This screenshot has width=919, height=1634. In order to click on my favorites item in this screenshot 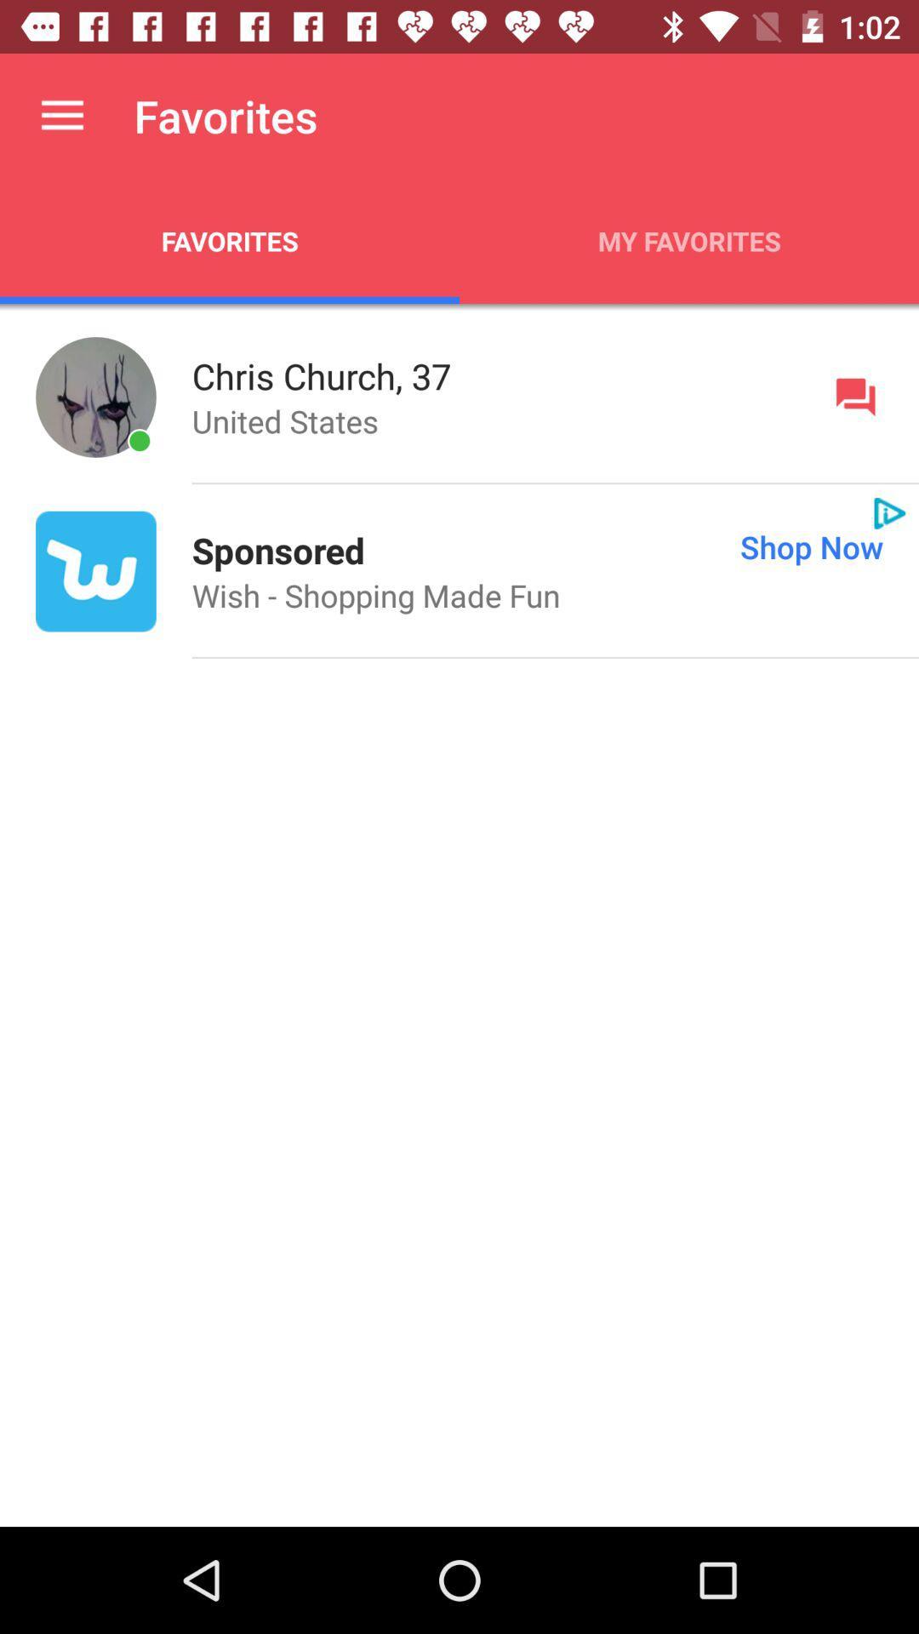, I will do `click(689, 240)`.